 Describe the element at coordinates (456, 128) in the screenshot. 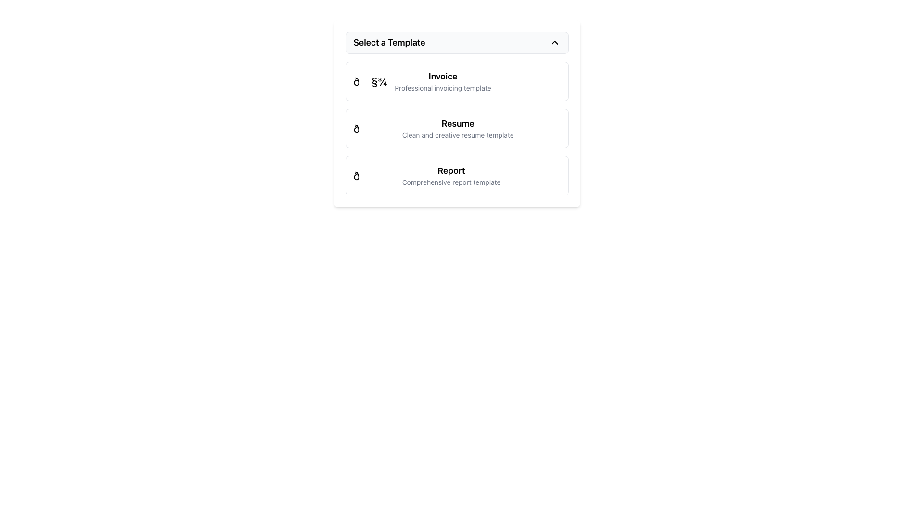

I see `the second selectable item in the template grid labeled 'Resume'` at that location.